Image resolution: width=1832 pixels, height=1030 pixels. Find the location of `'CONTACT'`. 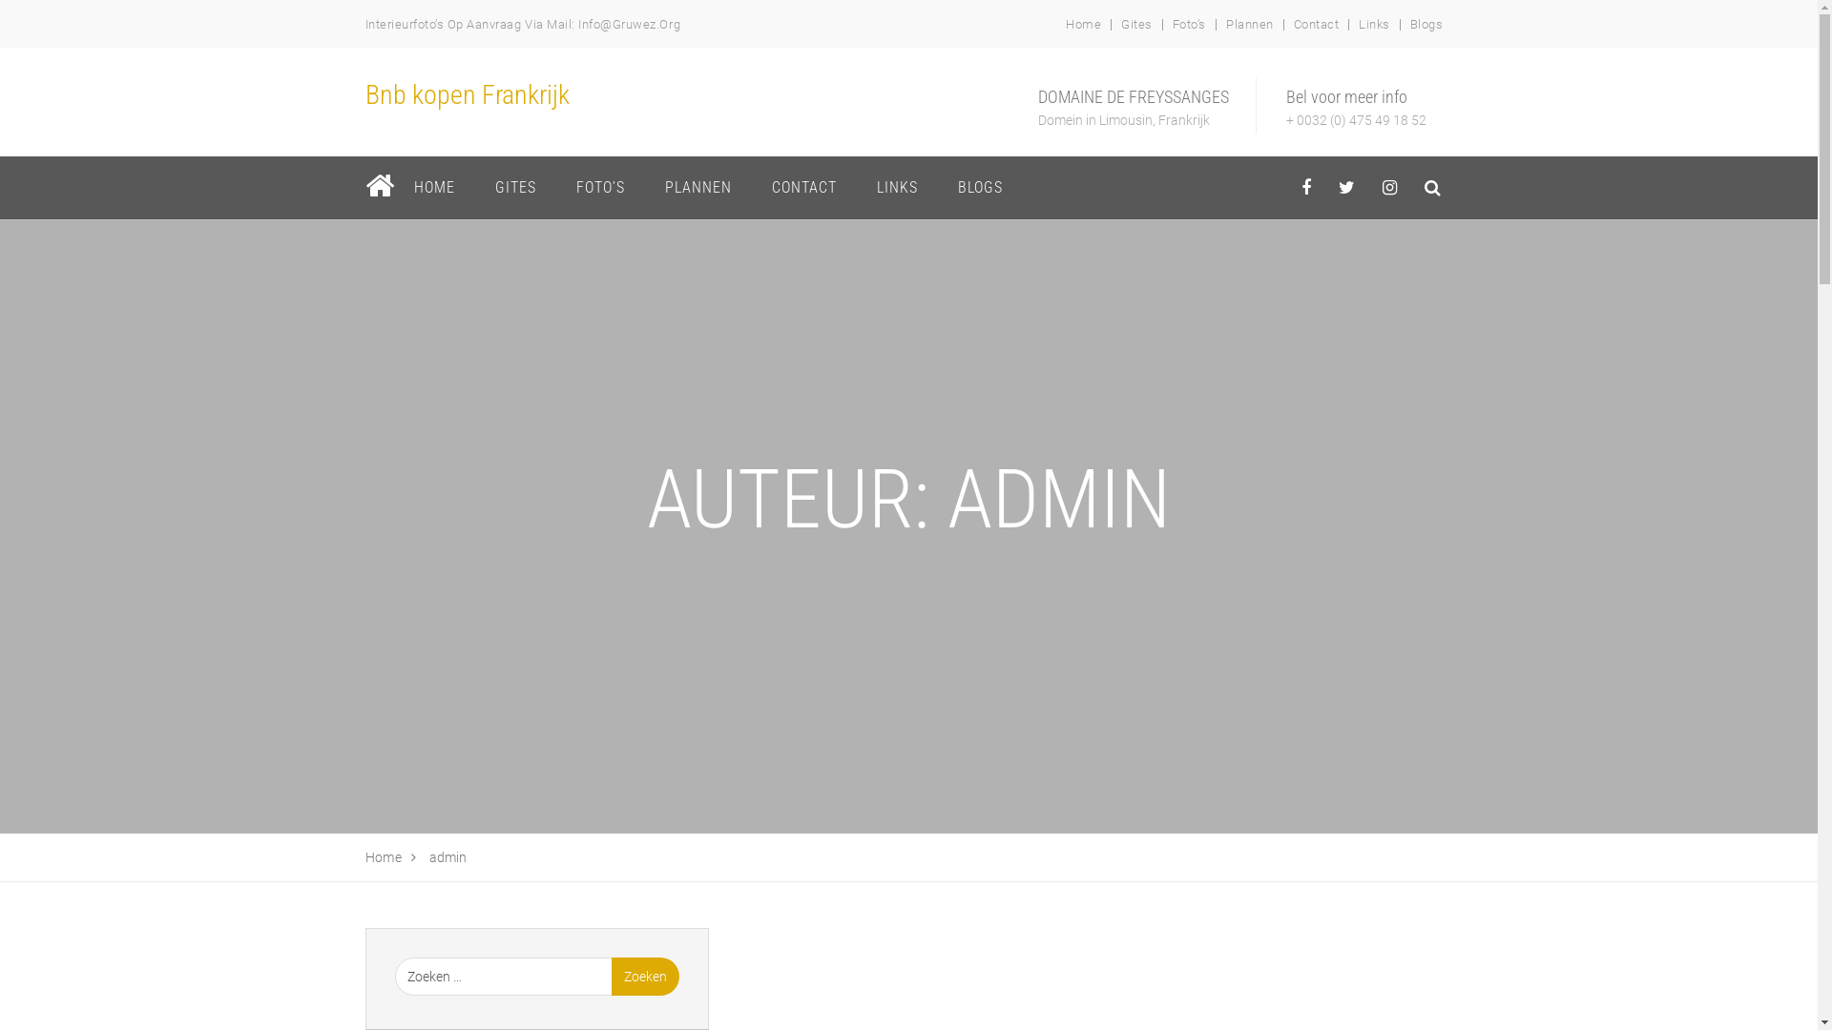

'CONTACT' is located at coordinates (759, 187).